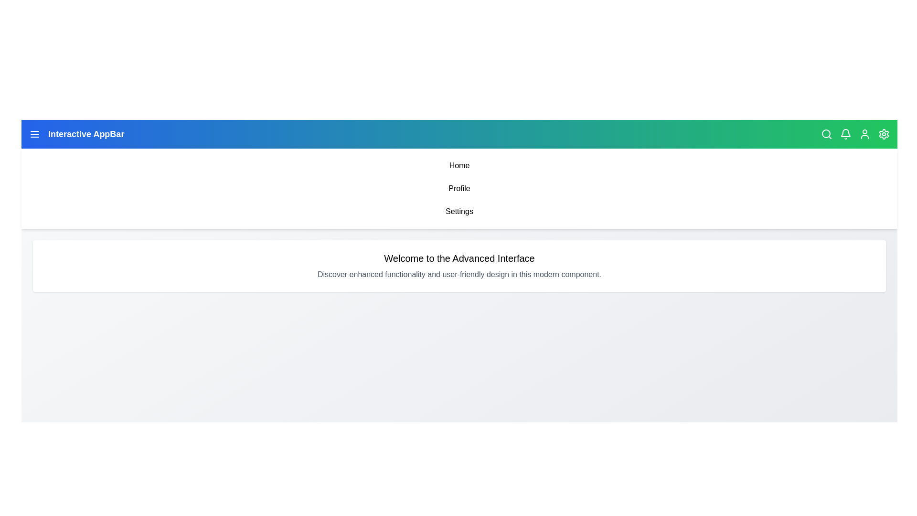  I want to click on the User icon to access user profile options, so click(864, 134).